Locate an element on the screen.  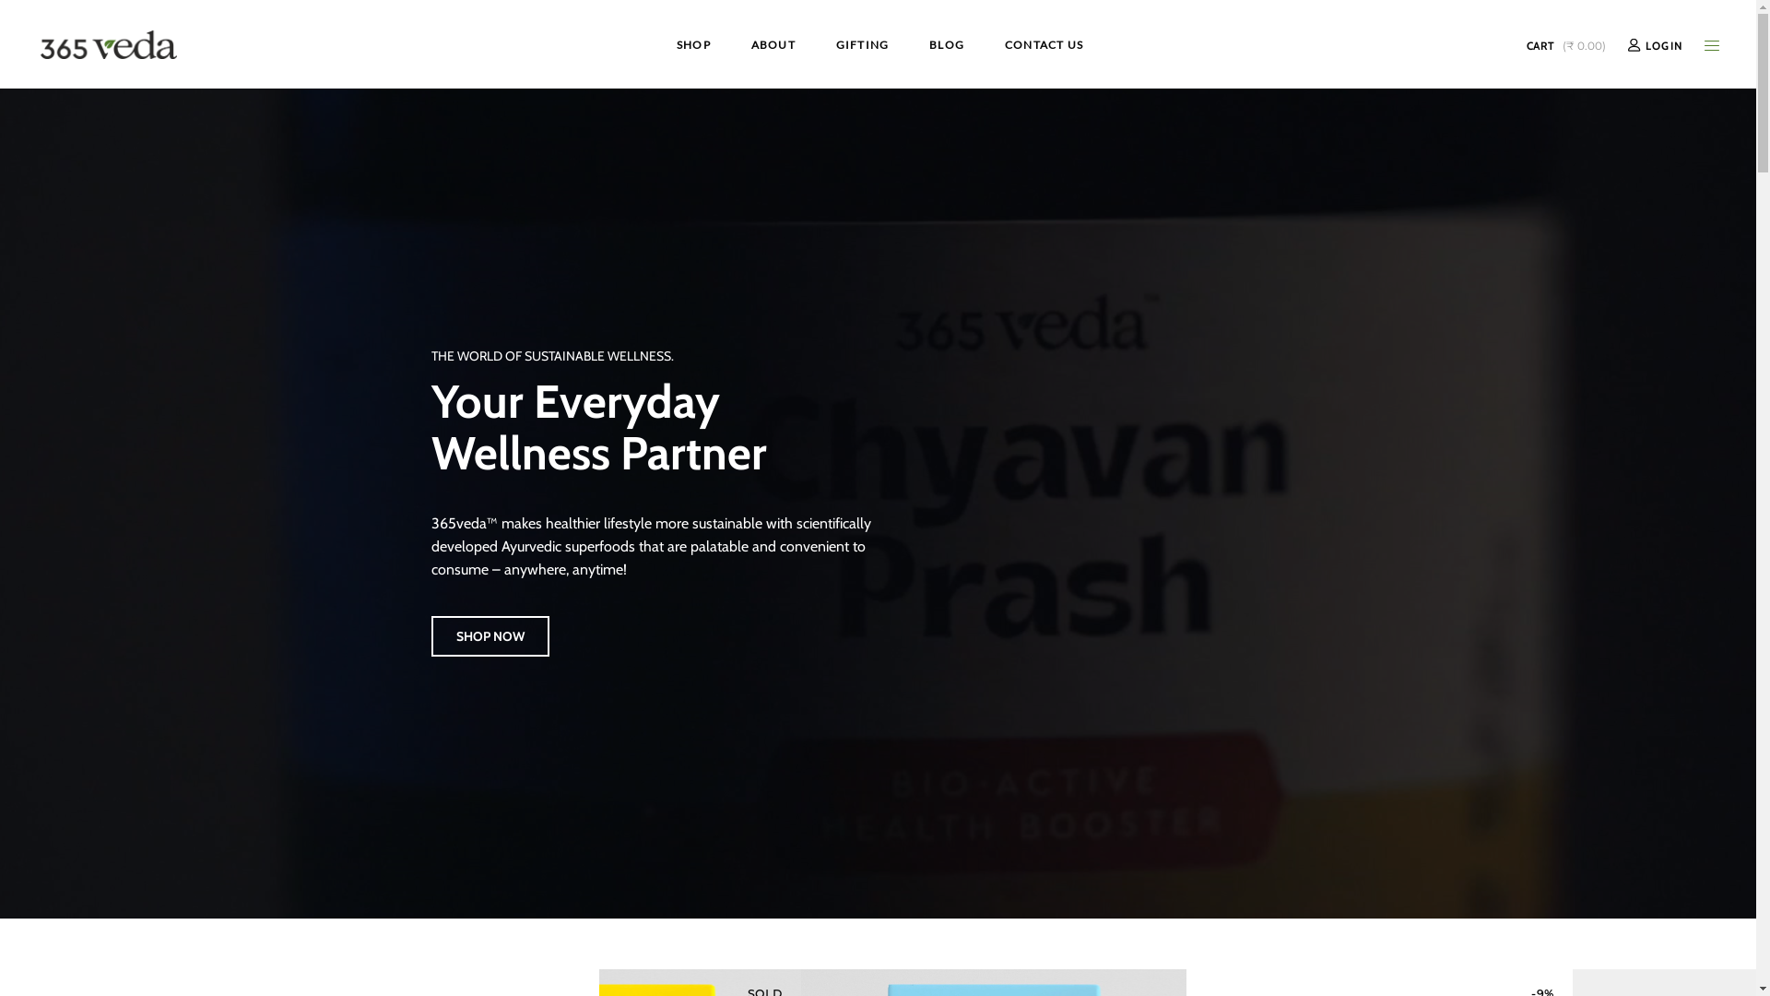
'LOGIN' is located at coordinates (1655, 44).